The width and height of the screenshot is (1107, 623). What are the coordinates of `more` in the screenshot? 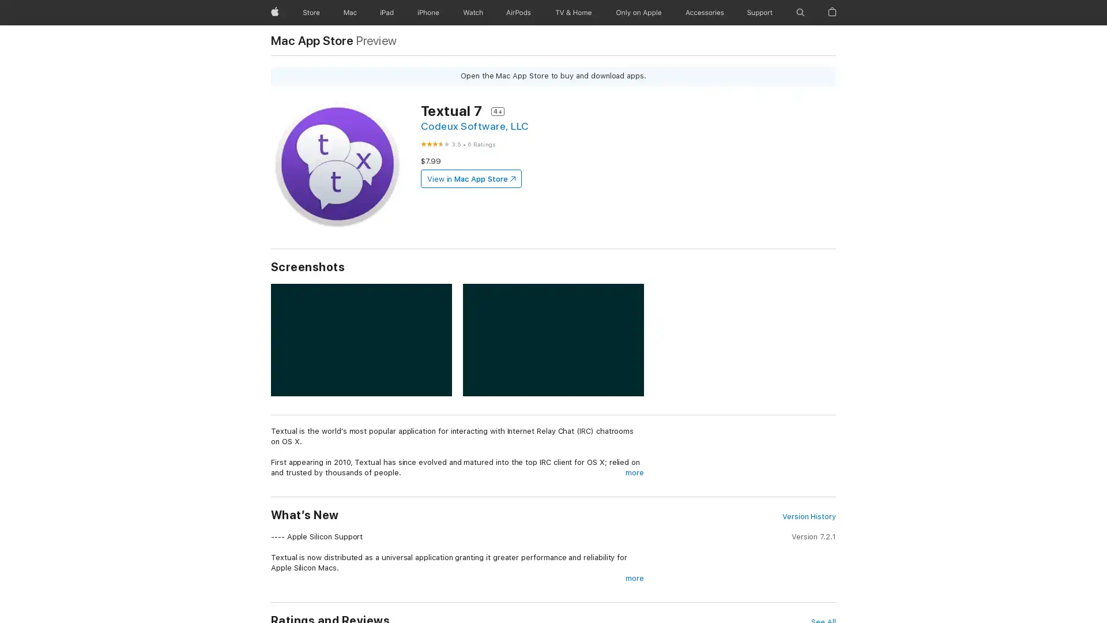 It's located at (634, 473).